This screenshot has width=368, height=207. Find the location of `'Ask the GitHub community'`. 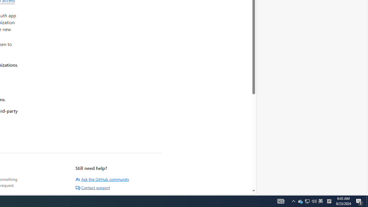

'Ask the GitHub community' is located at coordinates (102, 179).